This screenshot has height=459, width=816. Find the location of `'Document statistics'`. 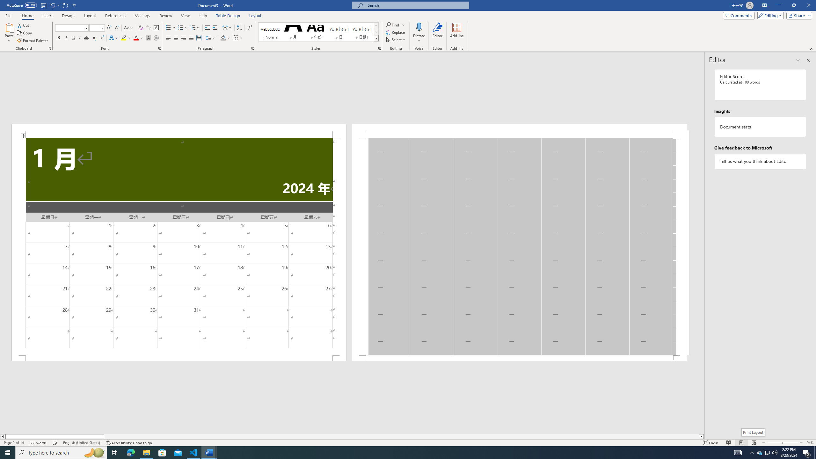

'Document statistics' is located at coordinates (760, 127).